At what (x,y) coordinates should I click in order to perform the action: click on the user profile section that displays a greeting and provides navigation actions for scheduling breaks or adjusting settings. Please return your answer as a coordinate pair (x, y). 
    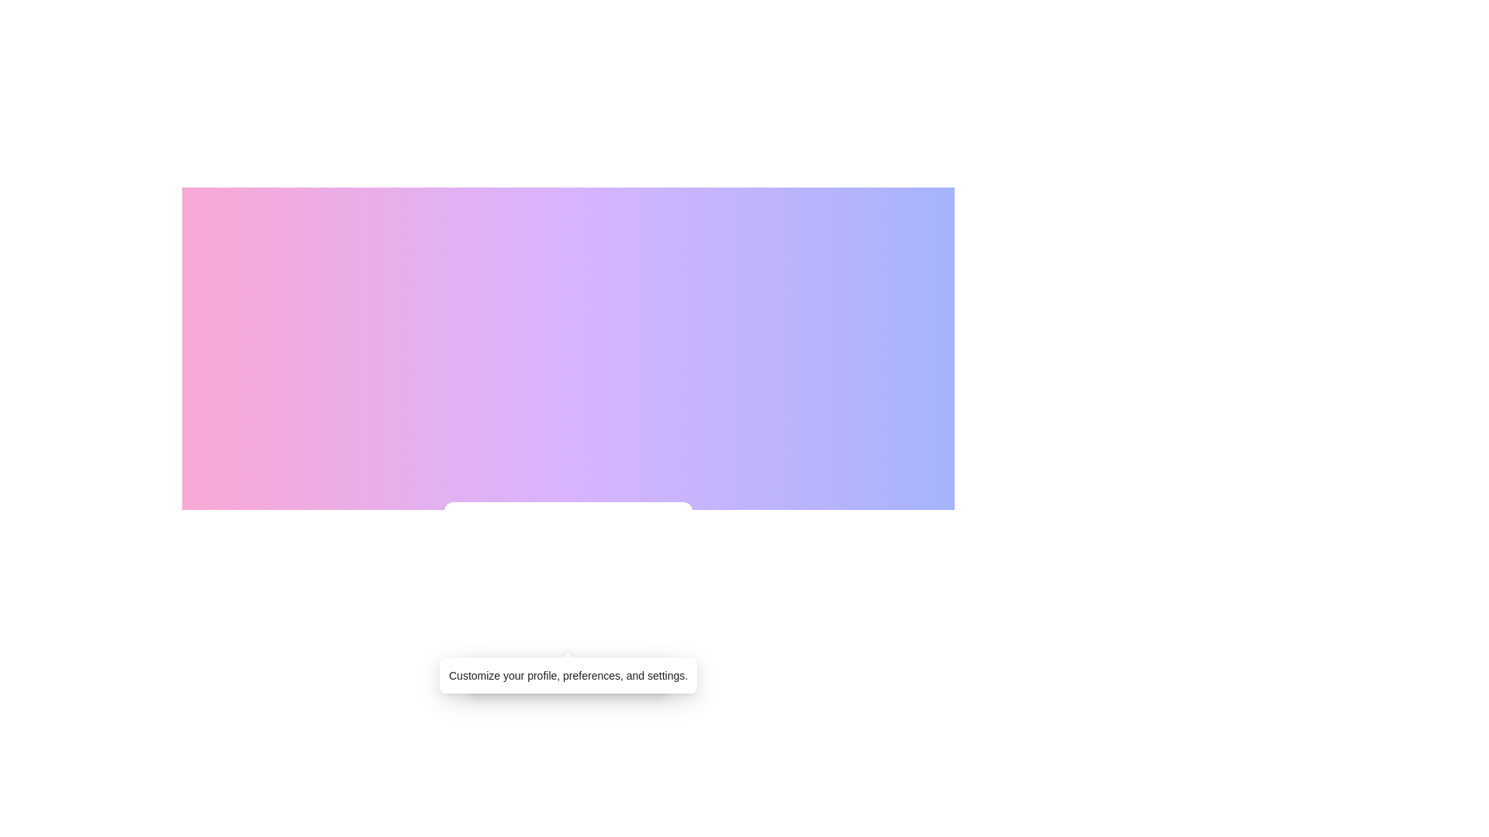
    Looking at the image, I should click on (568, 605).